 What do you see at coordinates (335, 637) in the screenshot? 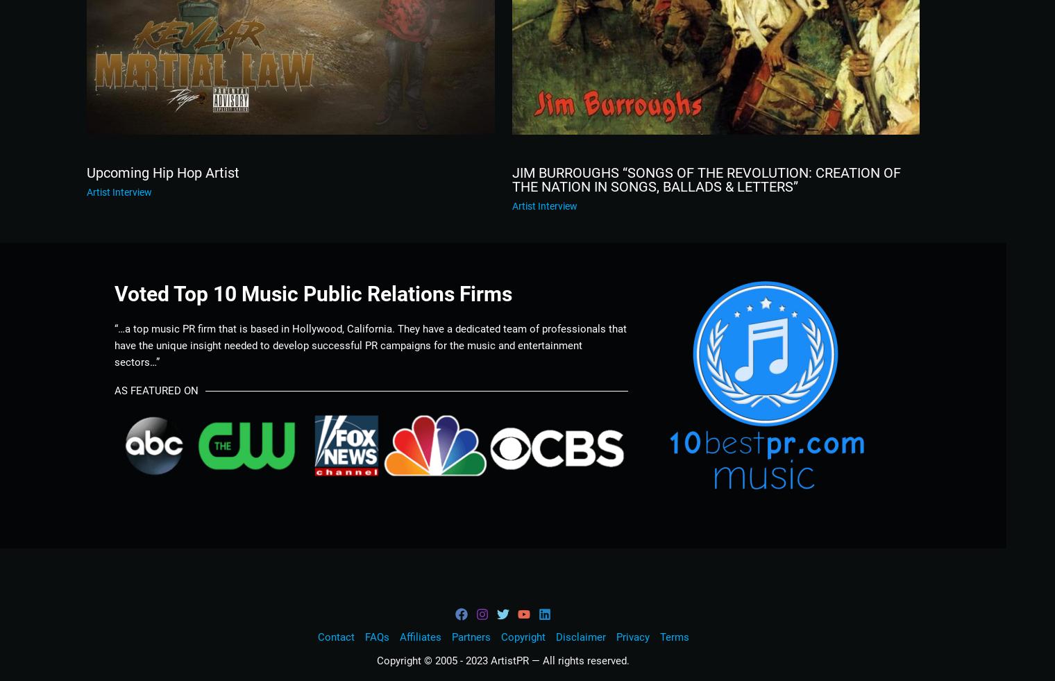
I see `'Contact'` at bounding box center [335, 637].